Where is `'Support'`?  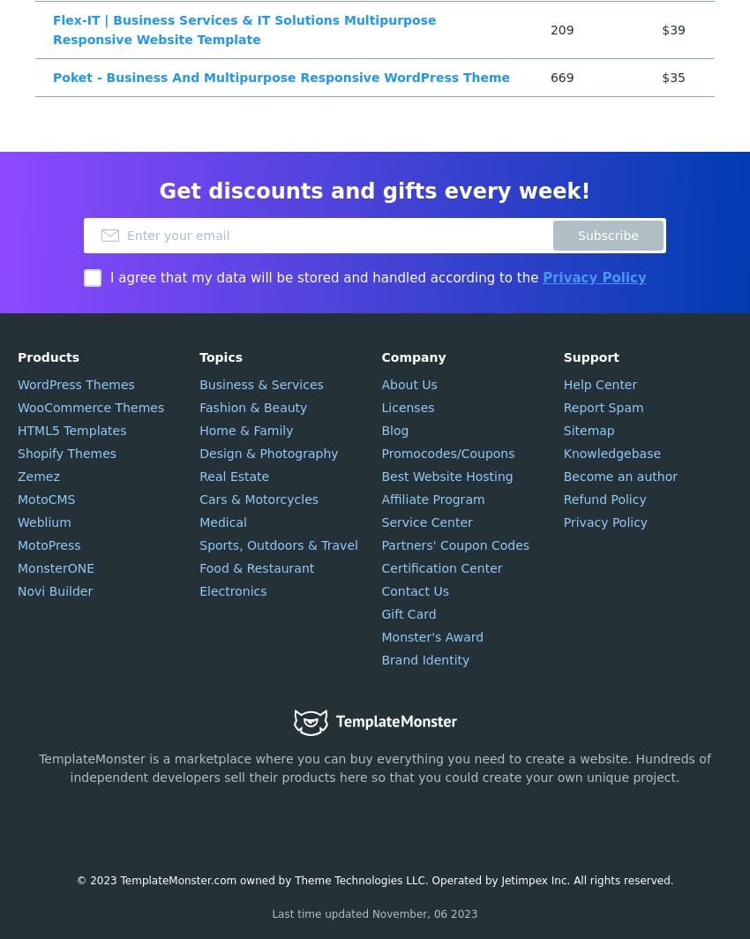
'Support' is located at coordinates (590, 357).